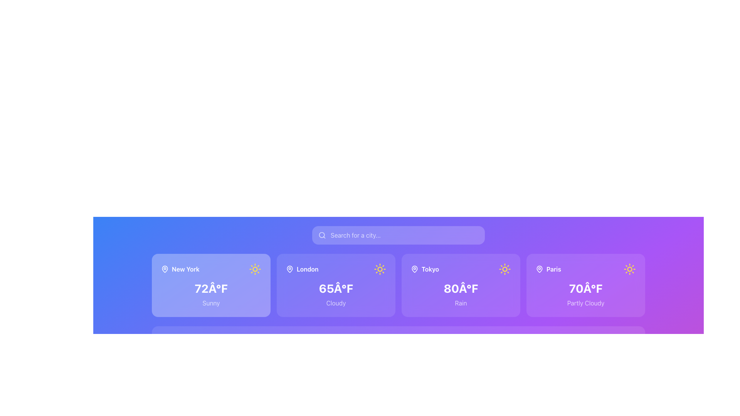  What do you see at coordinates (322, 235) in the screenshot?
I see `the magnifying glass icon, which is white with a slightly transparent overlay, located on the left side of the text input box above the weather cards` at bounding box center [322, 235].